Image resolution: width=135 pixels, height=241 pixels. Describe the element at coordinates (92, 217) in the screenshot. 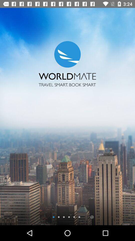

I see `next page` at that location.